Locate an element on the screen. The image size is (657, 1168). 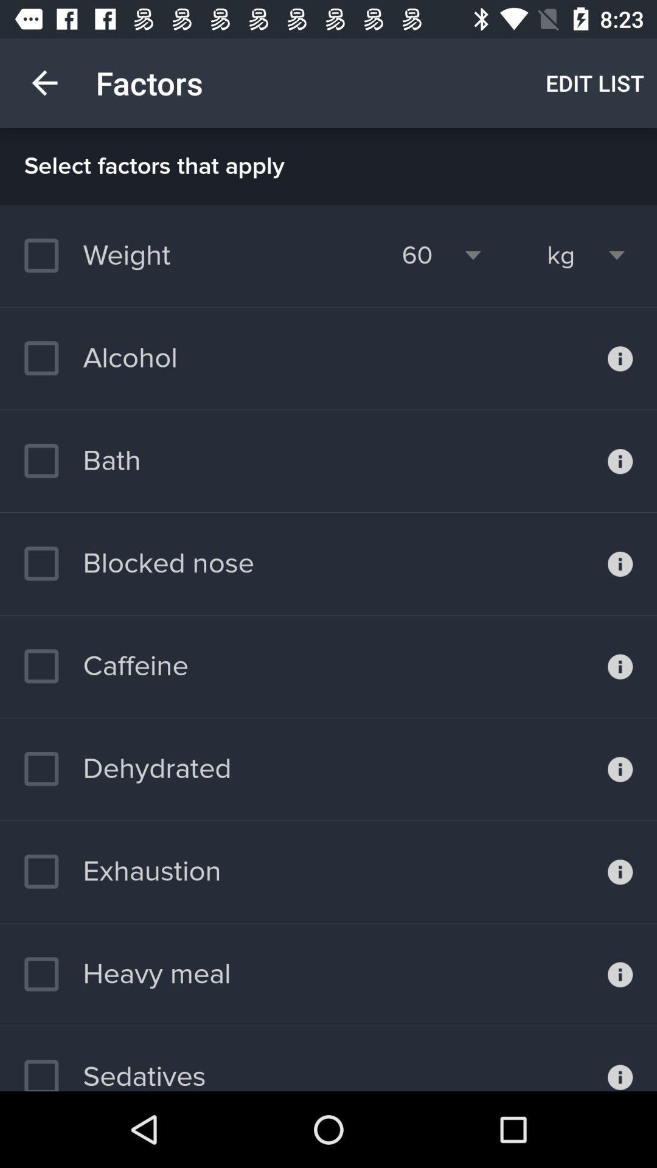
more information option is located at coordinates (620, 768).